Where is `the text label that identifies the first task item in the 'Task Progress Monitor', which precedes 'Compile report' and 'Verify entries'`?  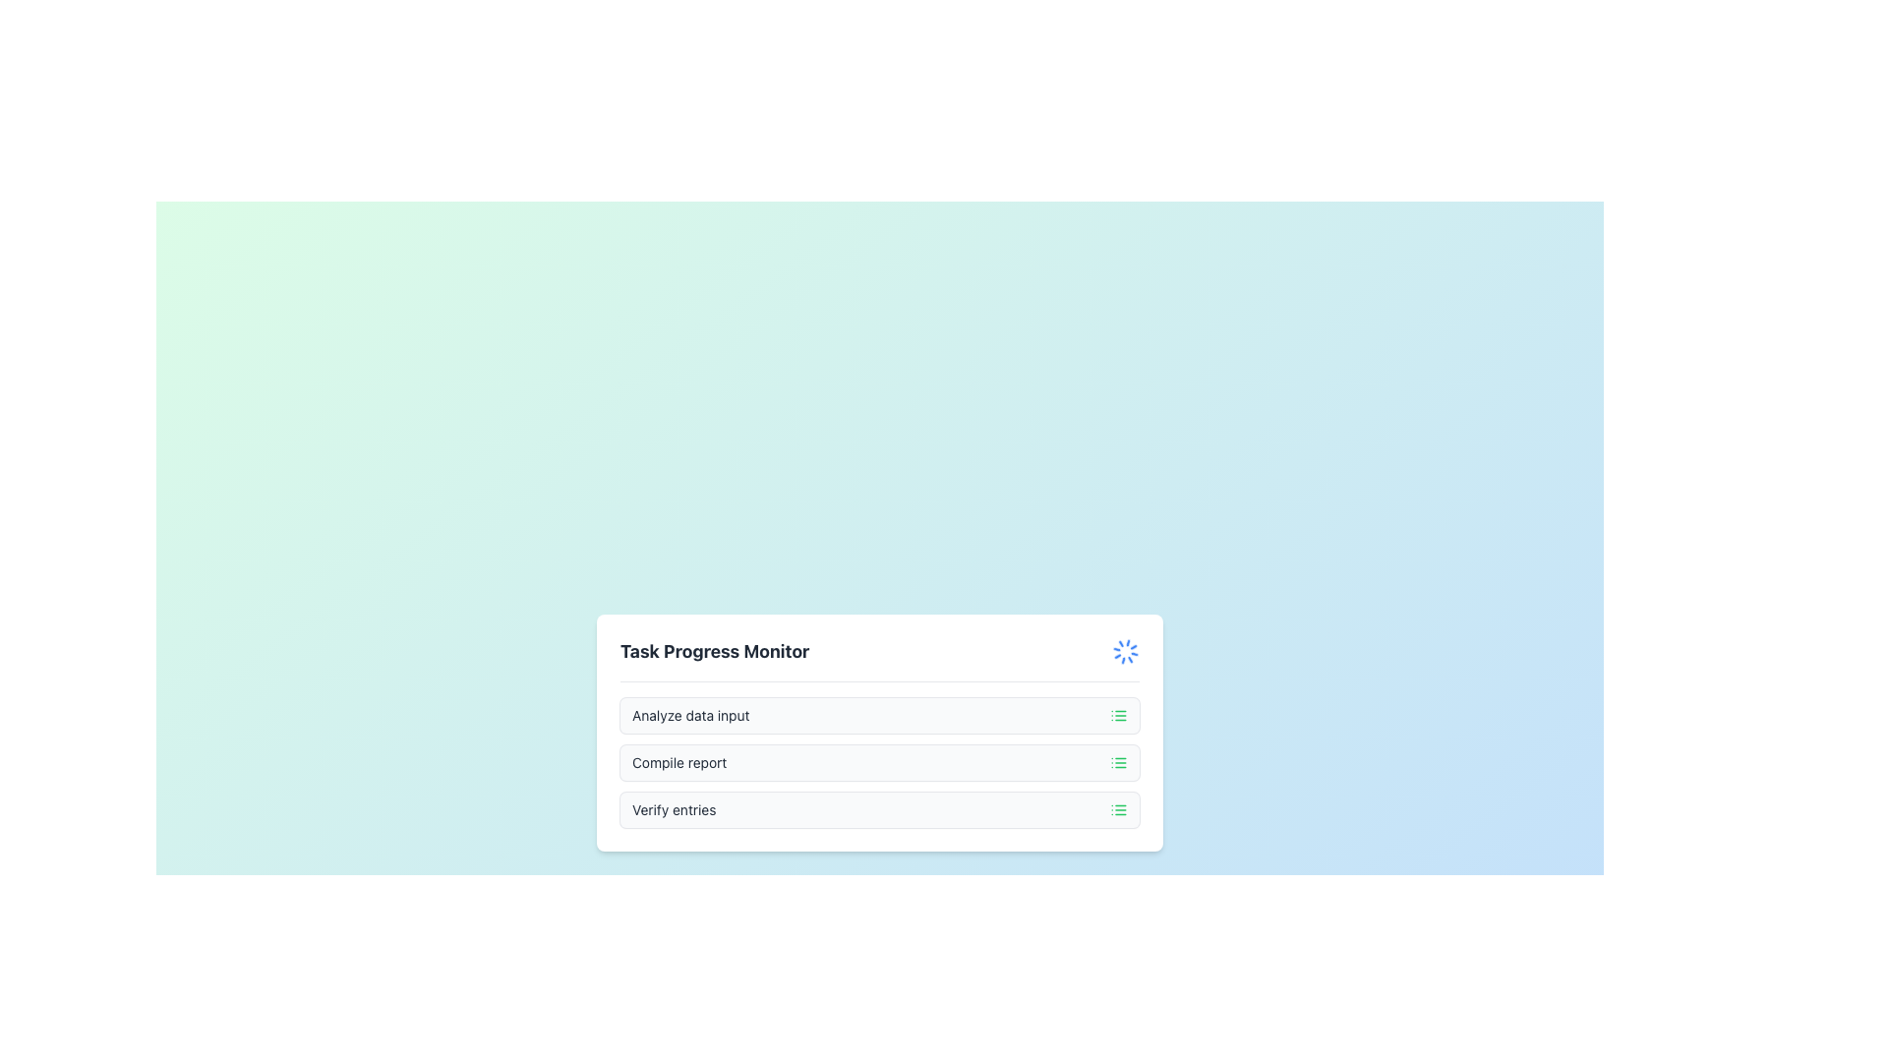
the text label that identifies the first task item in the 'Task Progress Monitor', which precedes 'Compile report' and 'Verify entries' is located at coordinates (690, 715).